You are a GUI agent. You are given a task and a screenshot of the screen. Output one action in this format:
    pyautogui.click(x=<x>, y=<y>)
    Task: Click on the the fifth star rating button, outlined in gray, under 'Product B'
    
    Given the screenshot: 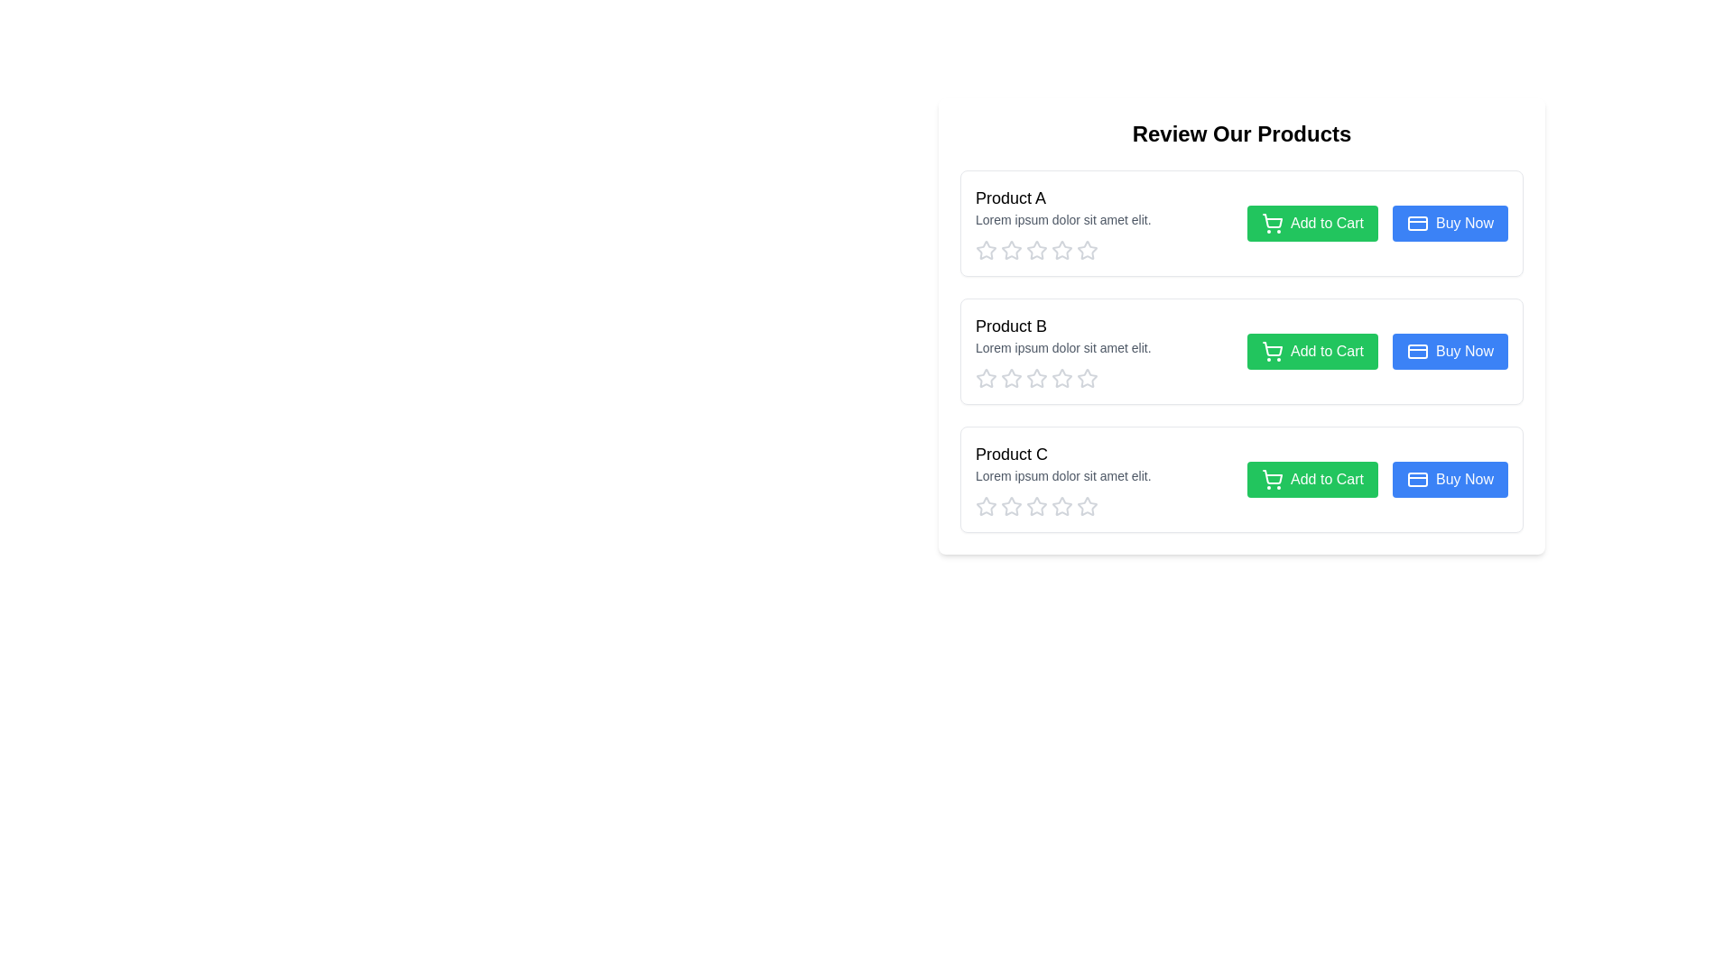 What is the action you would take?
    pyautogui.click(x=1061, y=378)
    